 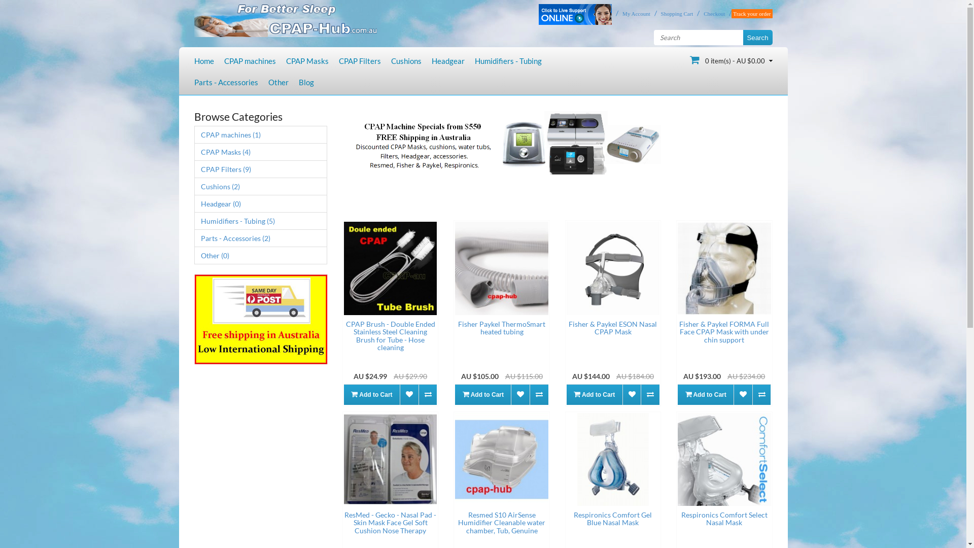 I want to click on 'CPAP machines', so click(x=250, y=60).